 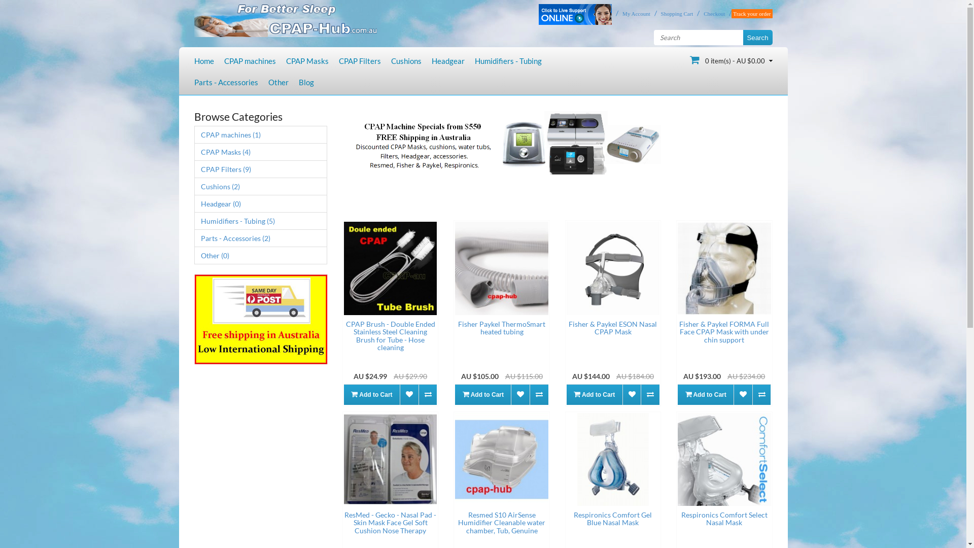 I want to click on 'CPAP machines', so click(x=250, y=60).